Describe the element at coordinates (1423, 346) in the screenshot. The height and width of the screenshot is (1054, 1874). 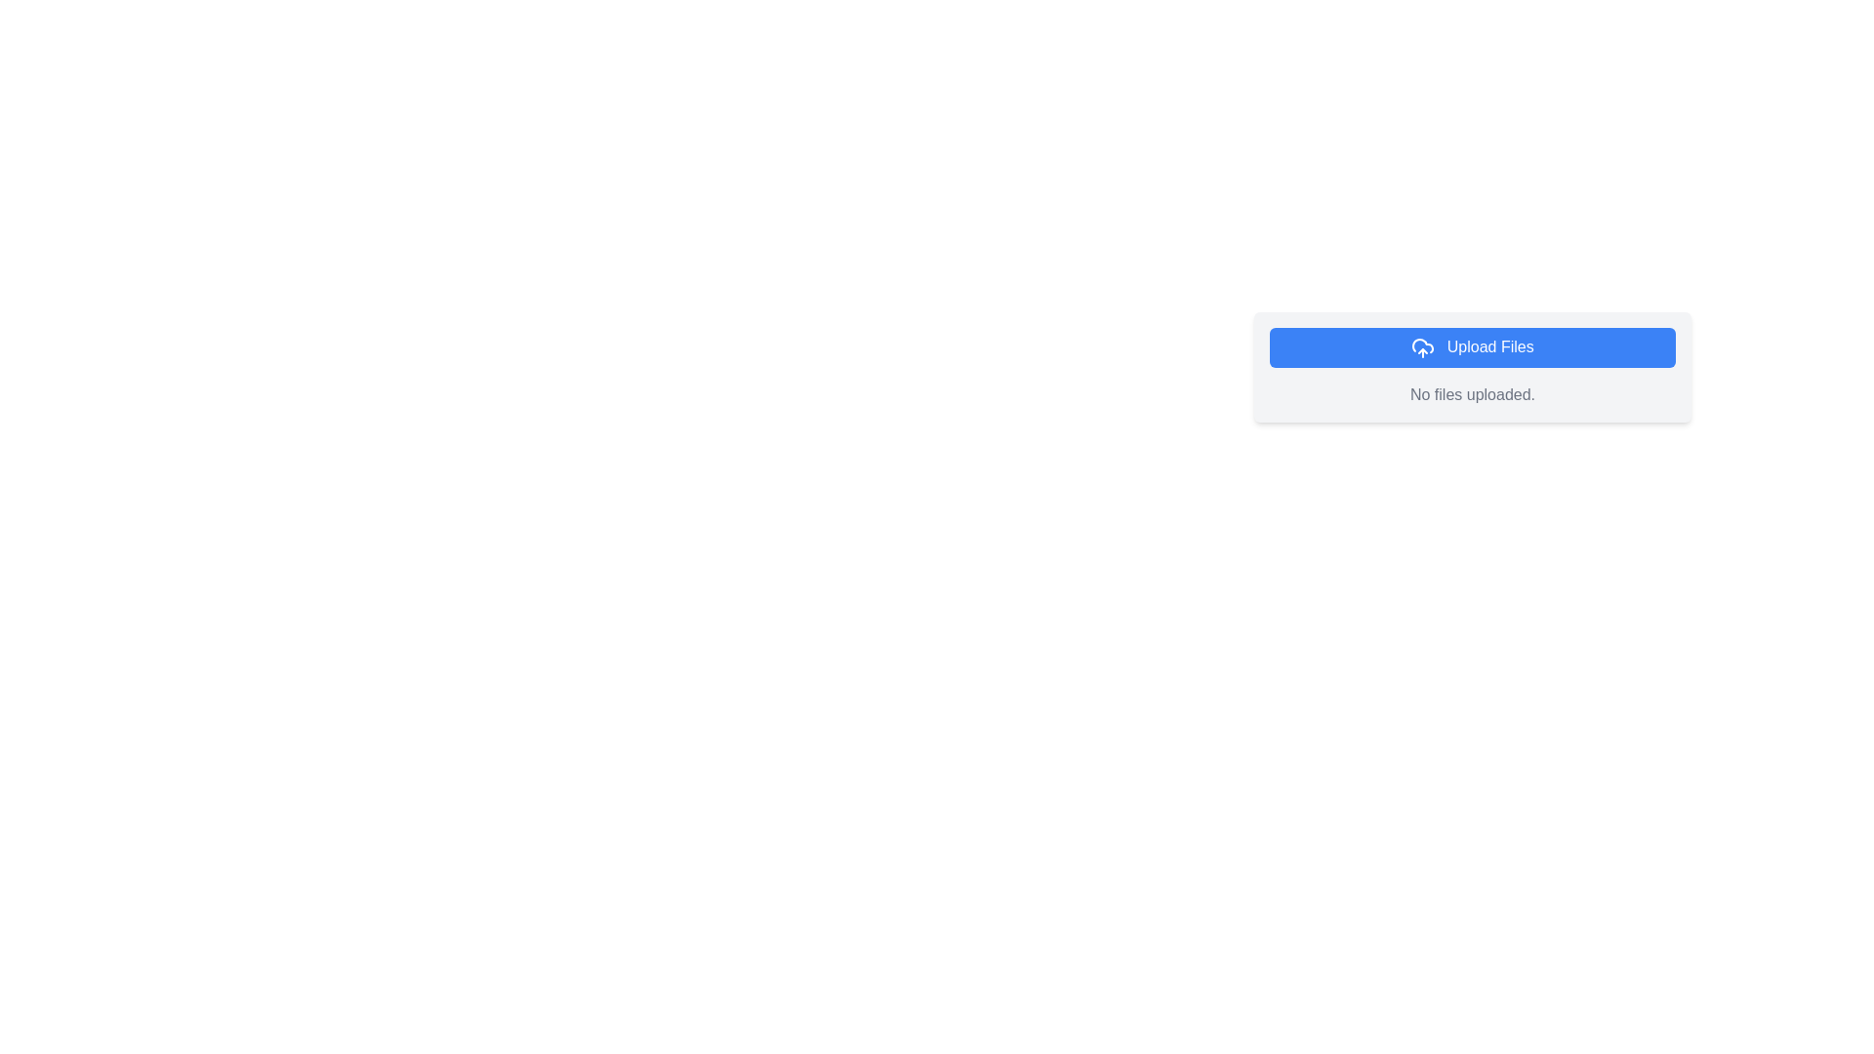
I see `the 'Upload Files' button which contains the icon representing the file upload function, located to its left side` at that location.